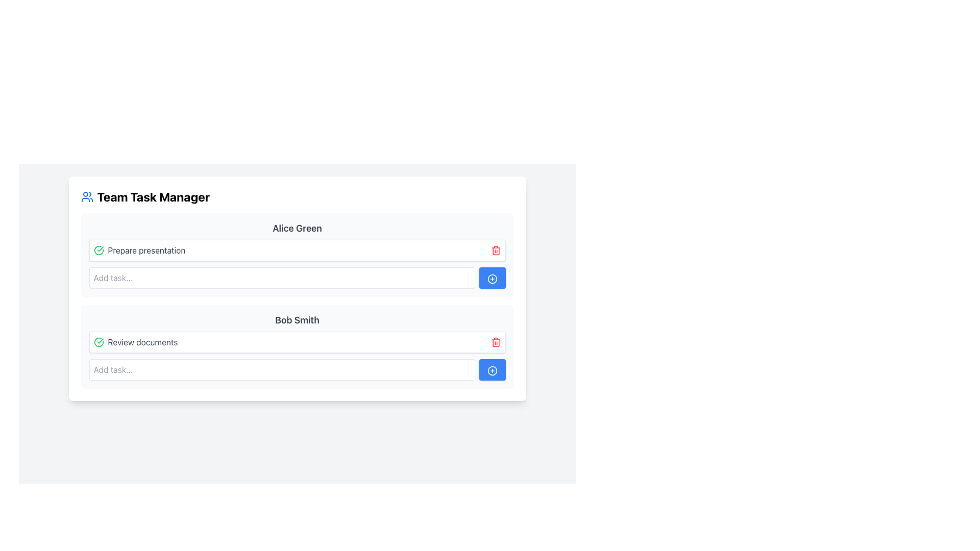  Describe the element at coordinates (492, 279) in the screenshot. I see `the blue circular Icon button with a white plus sign located next to the 'Add task...' input field under the 'Bob Smith' section` at that location.